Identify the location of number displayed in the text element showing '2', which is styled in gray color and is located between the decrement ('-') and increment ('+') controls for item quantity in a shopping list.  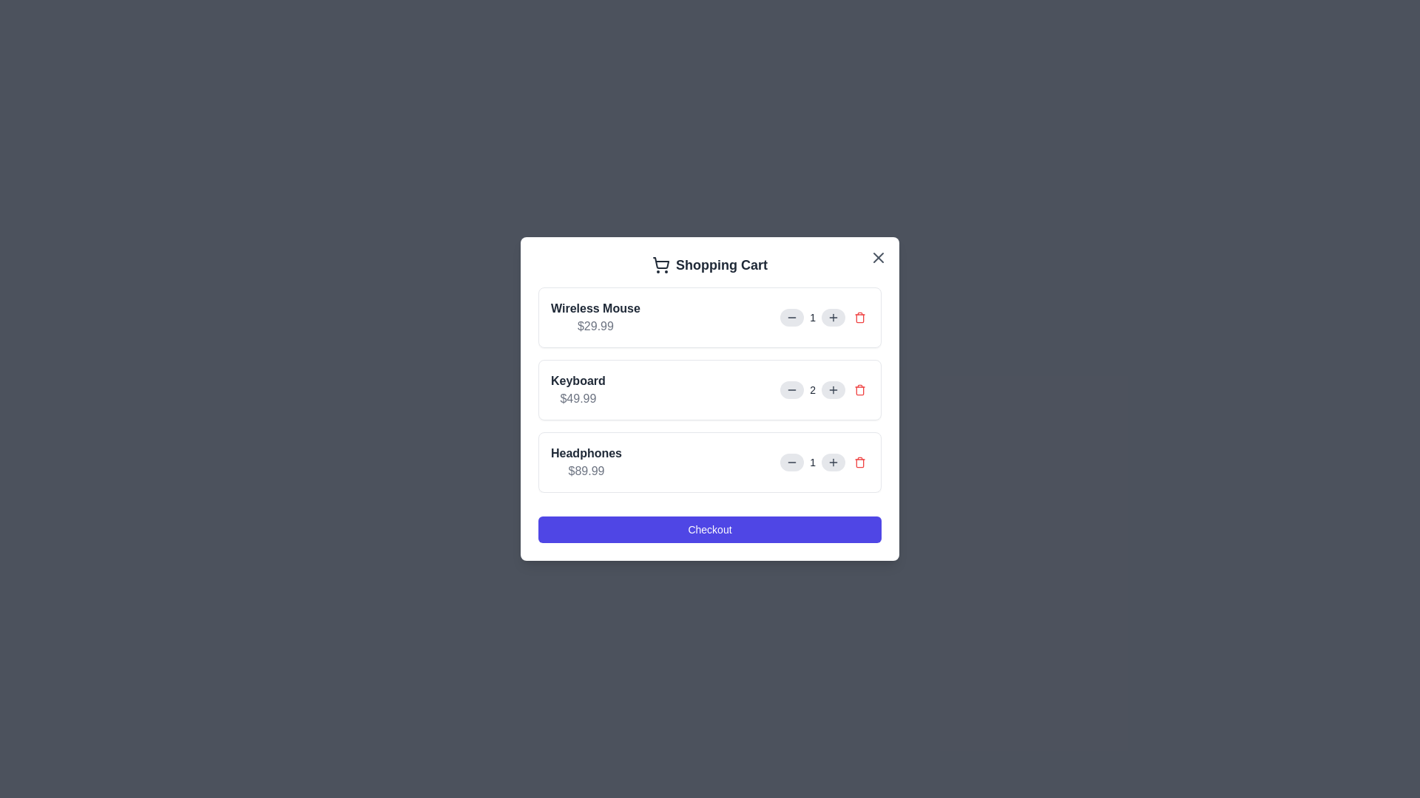
(812, 389).